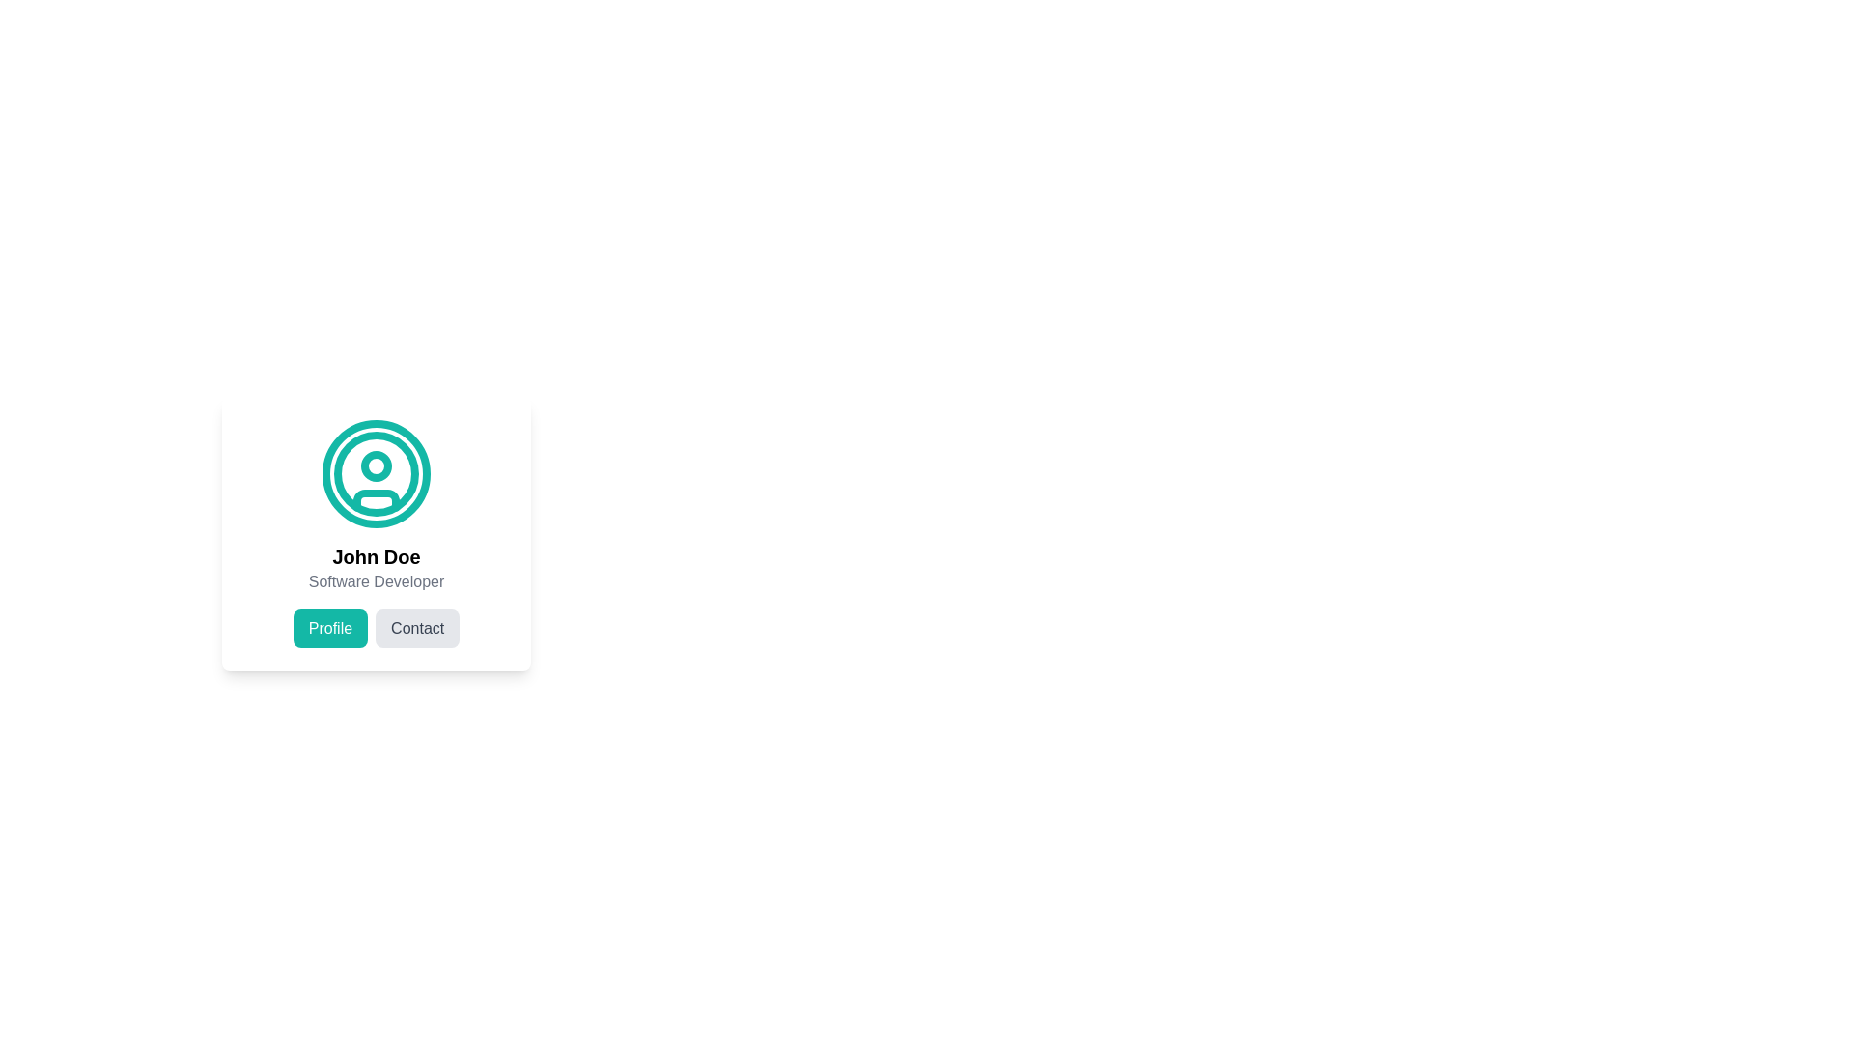 The height and width of the screenshot is (1043, 1854). What do you see at coordinates (376, 533) in the screenshot?
I see `the circular avatar icon in the profile card of 'John Doe'` at bounding box center [376, 533].